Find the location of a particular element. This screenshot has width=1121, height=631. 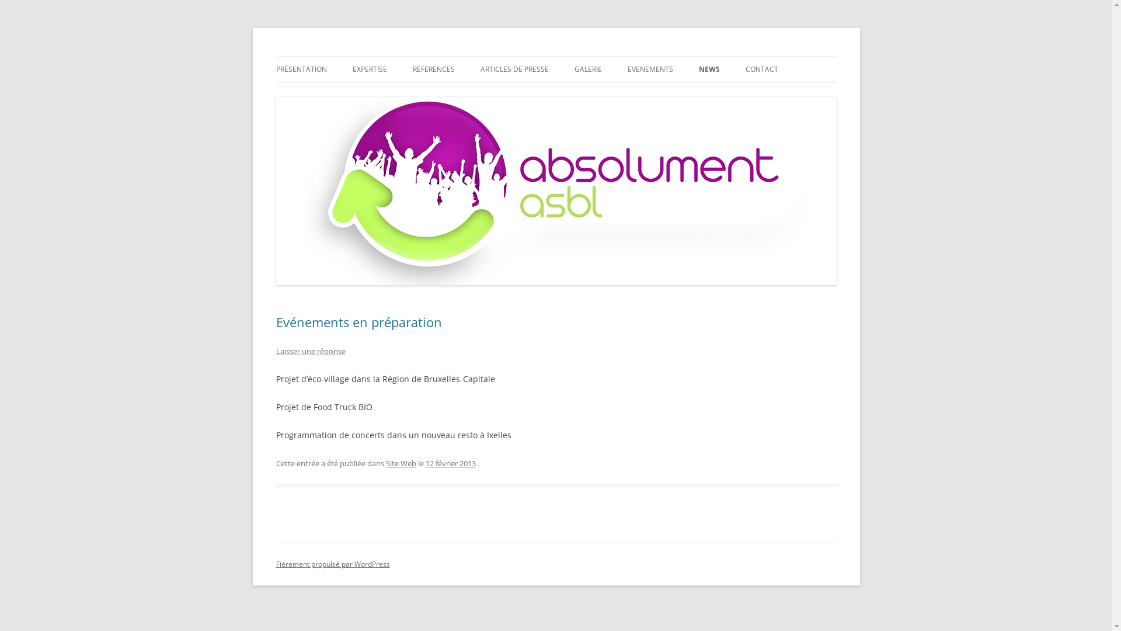

'GALERIE' is located at coordinates (588, 70).